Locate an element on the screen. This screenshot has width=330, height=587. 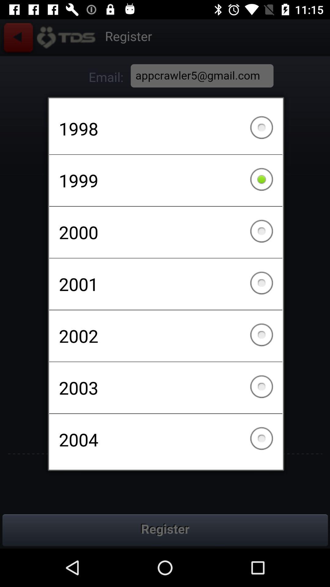
the checkbox below the 2000 checkbox is located at coordinates (166, 284).